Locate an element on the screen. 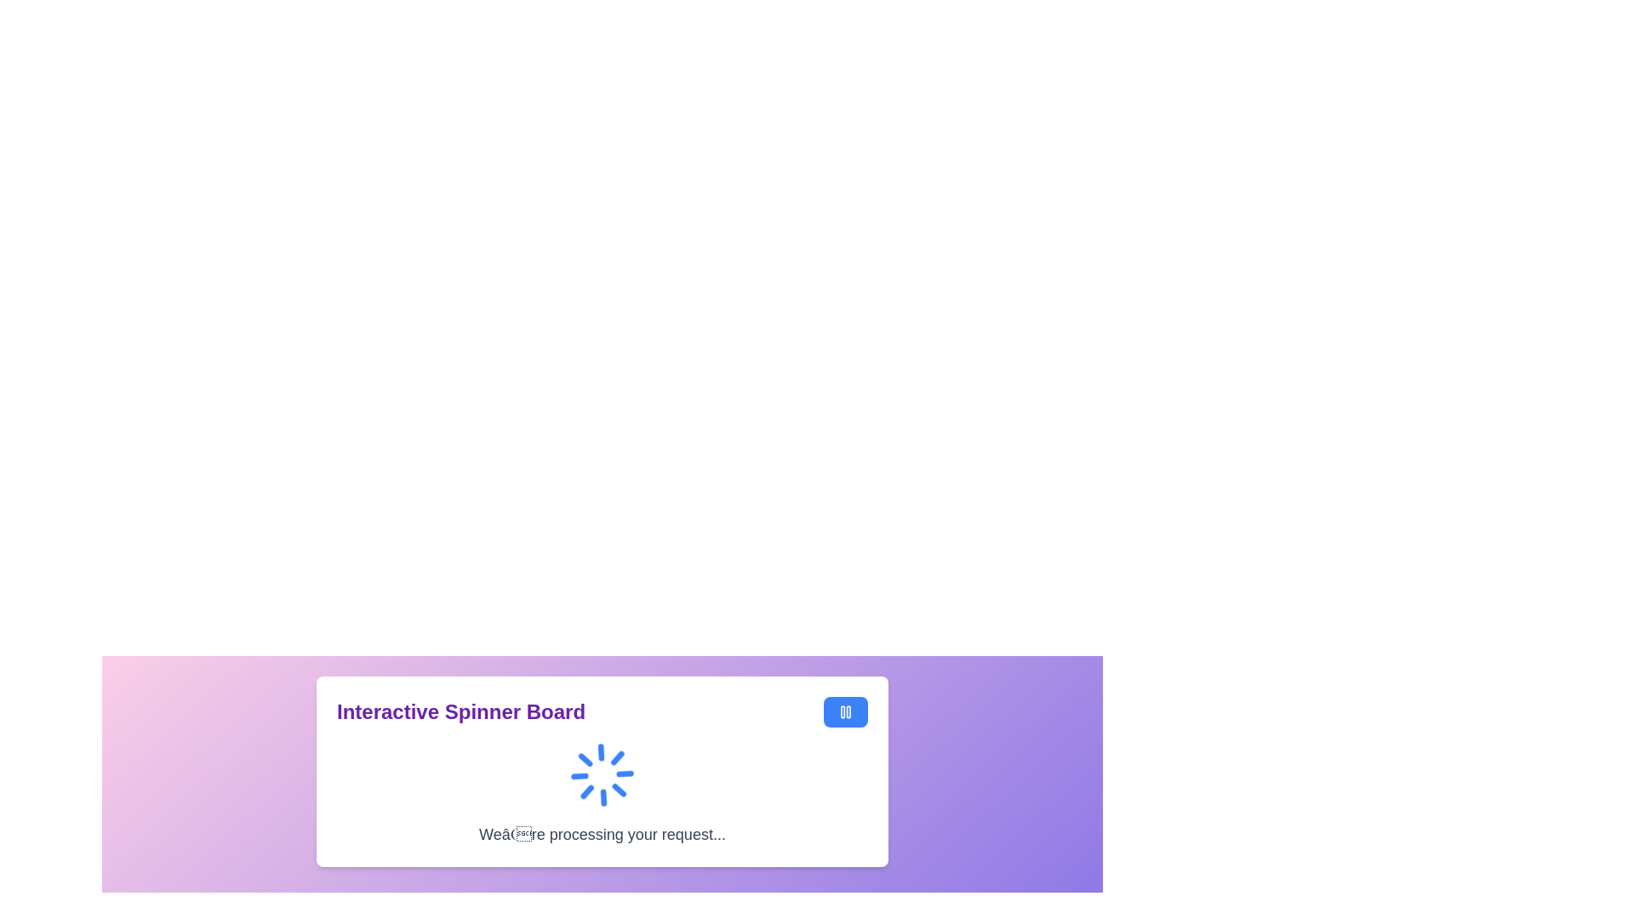 Image resolution: width=1634 pixels, height=919 pixels. the rectangular button with a bright blue background and a pause symbol icon by is located at coordinates (845, 712).